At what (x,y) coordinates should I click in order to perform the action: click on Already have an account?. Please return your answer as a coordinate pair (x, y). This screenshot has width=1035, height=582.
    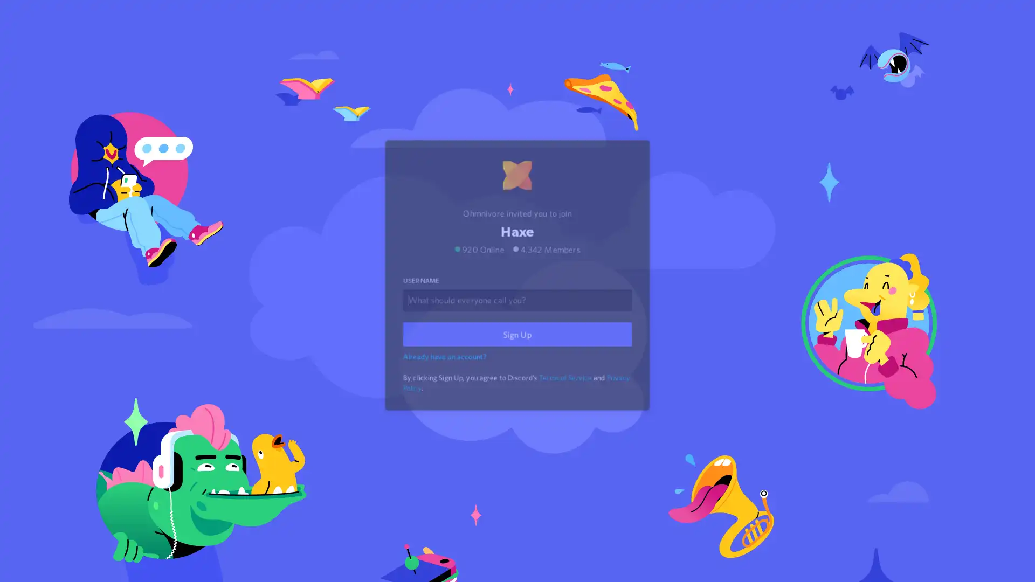
    Looking at the image, I should click on (446, 369).